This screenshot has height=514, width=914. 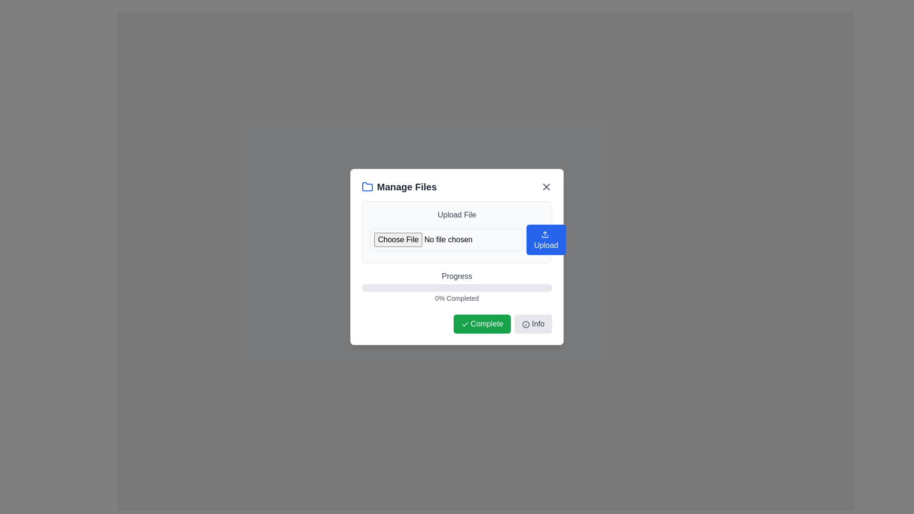 What do you see at coordinates (546, 239) in the screenshot?
I see `the 'Upload' button with a blue background and upward arrow icon in the 'Manage Files' modal` at bounding box center [546, 239].